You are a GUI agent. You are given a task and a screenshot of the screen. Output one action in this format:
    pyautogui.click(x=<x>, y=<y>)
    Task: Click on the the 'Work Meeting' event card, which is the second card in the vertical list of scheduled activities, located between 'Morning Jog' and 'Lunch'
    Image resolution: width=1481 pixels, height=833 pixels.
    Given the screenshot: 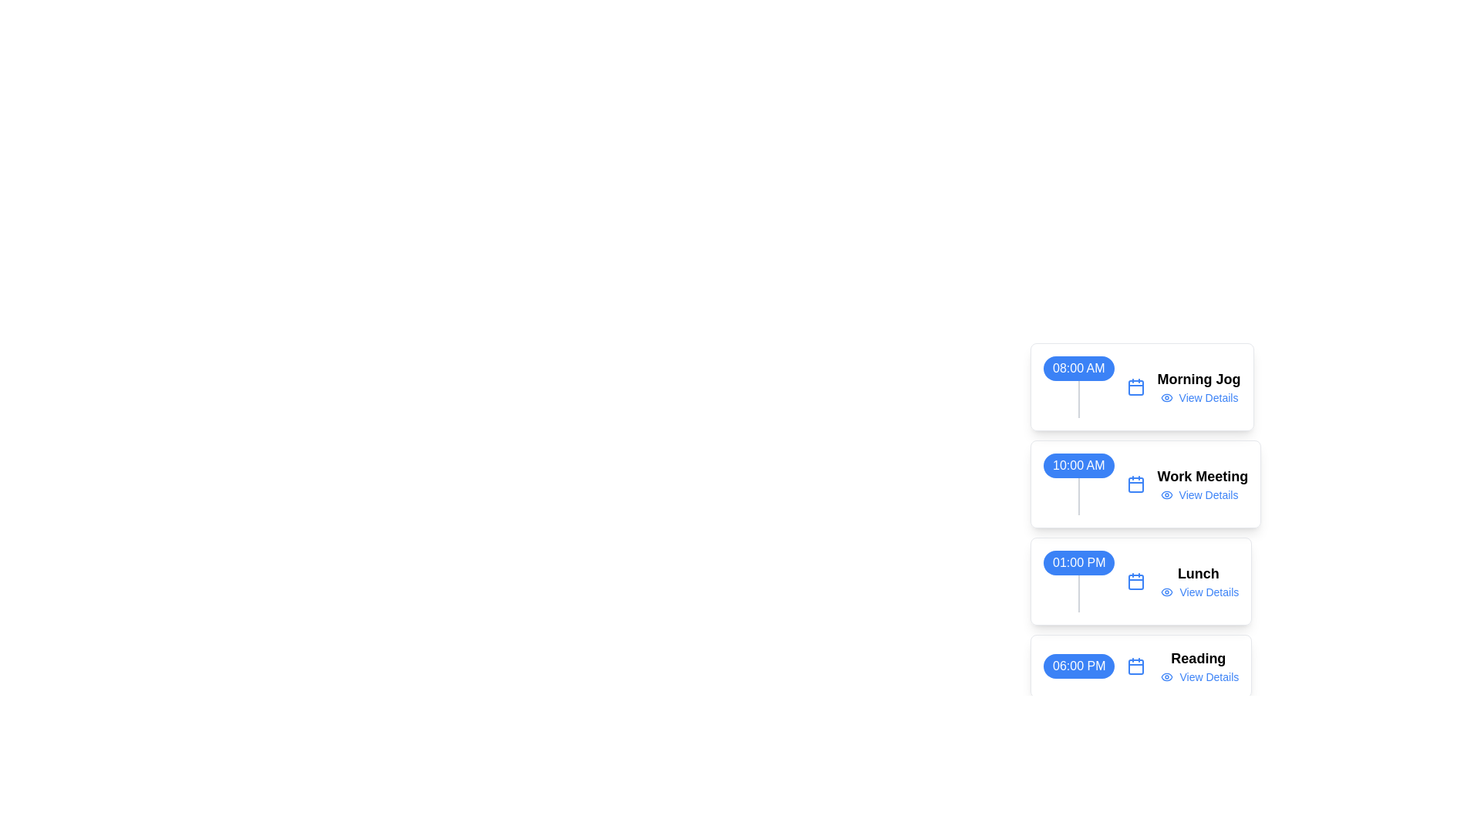 What is the action you would take?
    pyautogui.click(x=1227, y=521)
    